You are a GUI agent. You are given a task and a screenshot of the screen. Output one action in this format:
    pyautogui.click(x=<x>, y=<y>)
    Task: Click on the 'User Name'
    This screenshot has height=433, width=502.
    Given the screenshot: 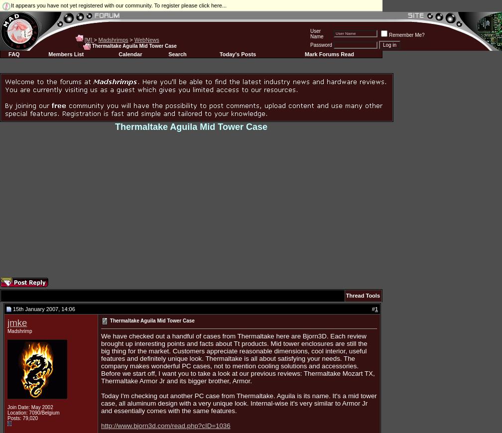 What is the action you would take?
    pyautogui.click(x=317, y=32)
    